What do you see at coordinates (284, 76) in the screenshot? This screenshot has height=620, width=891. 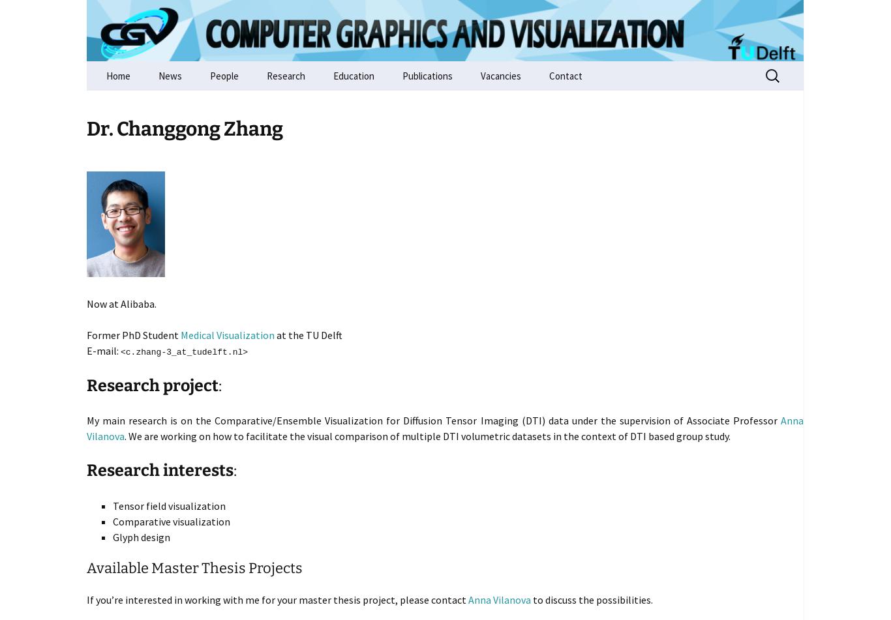 I see `'Research'` at bounding box center [284, 76].